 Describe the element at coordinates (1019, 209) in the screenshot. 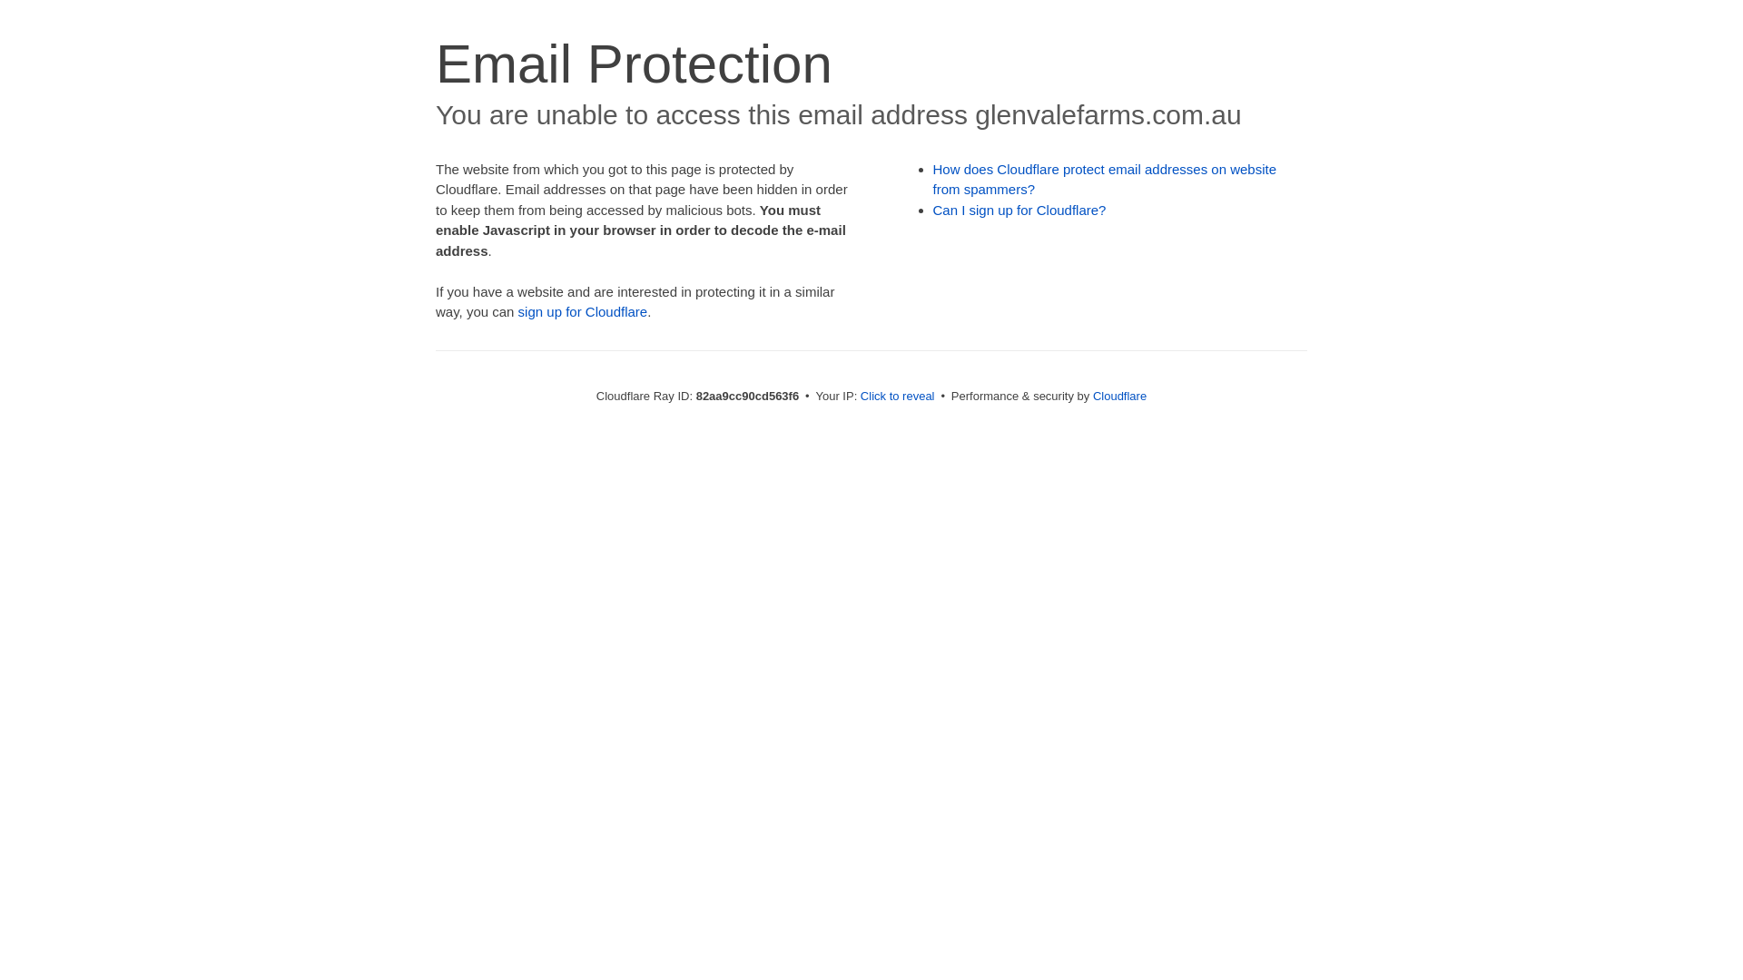

I see `'Can I sign up for Cloudflare?'` at that location.